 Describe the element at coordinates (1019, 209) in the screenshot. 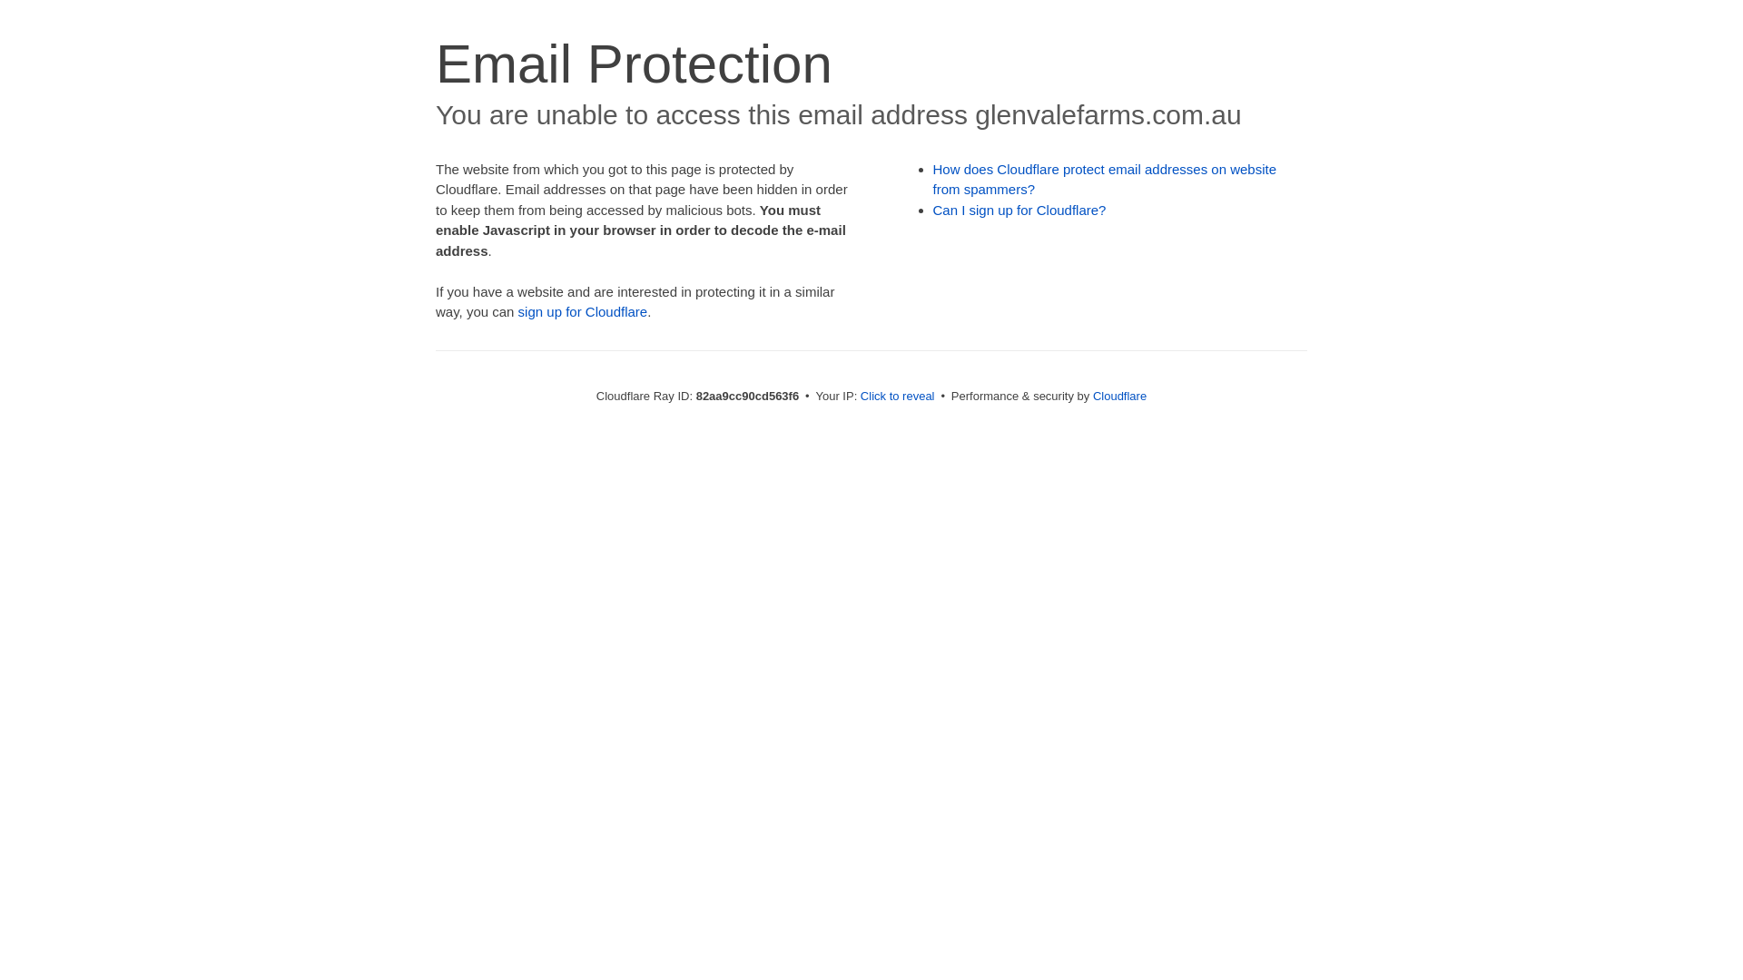

I see `'Can I sign up for Cloudflare?'` at that location.